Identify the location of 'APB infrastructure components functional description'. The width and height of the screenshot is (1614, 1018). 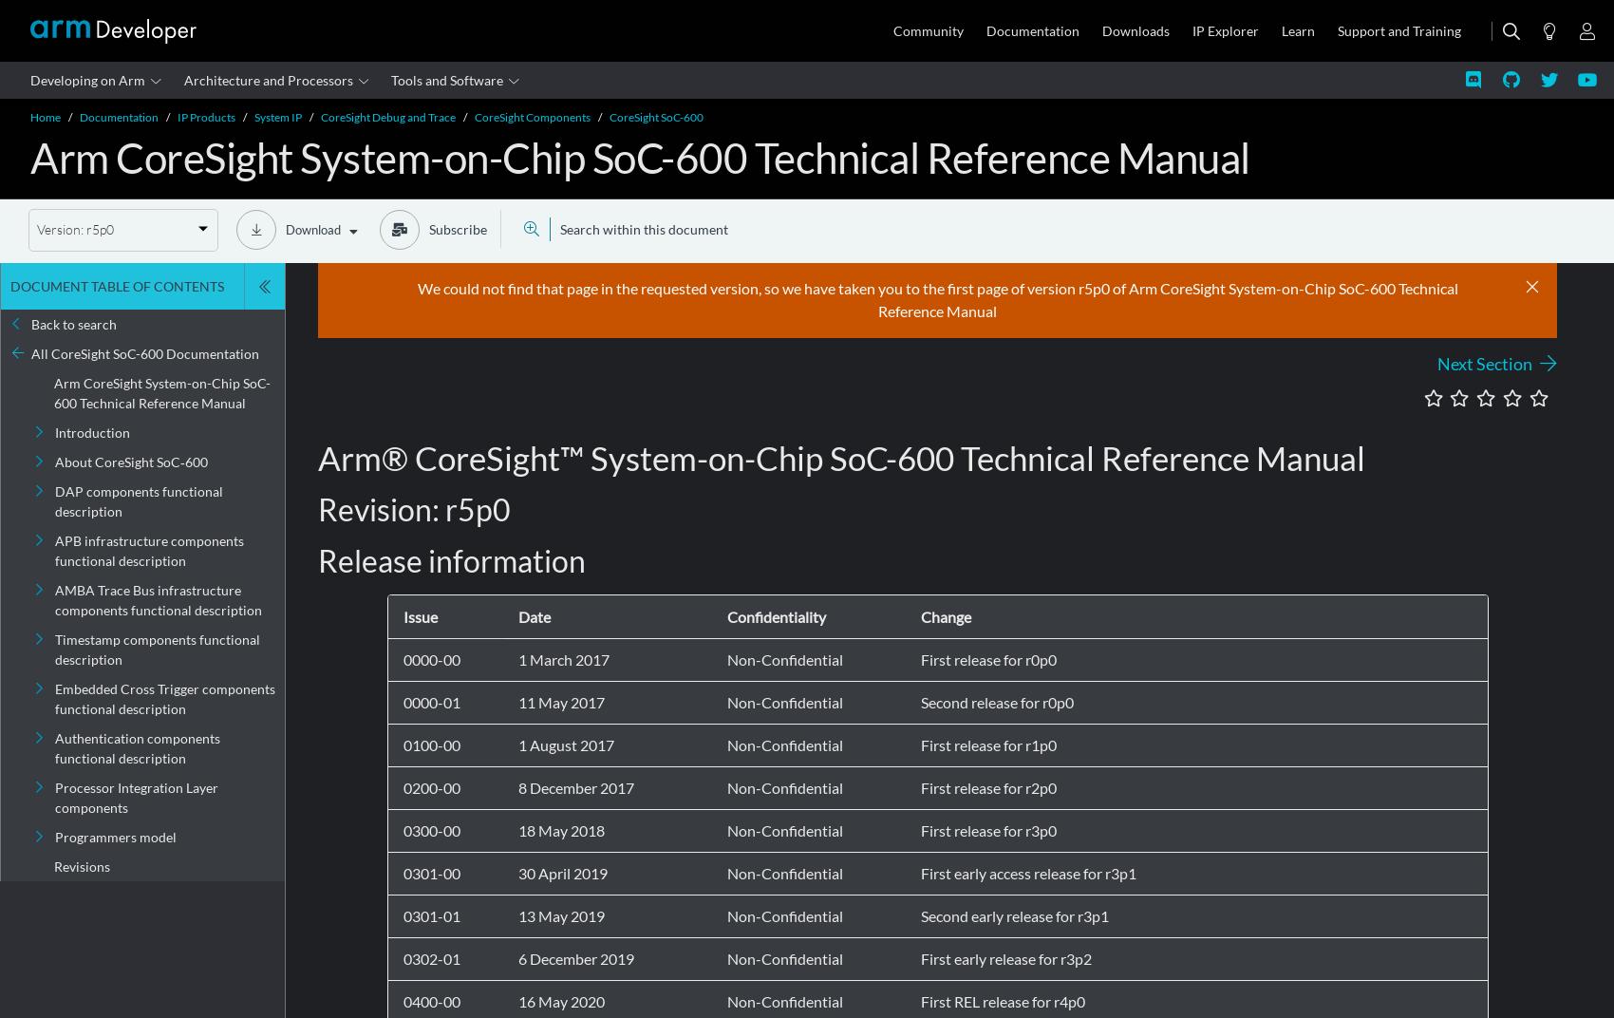
(148, 549).